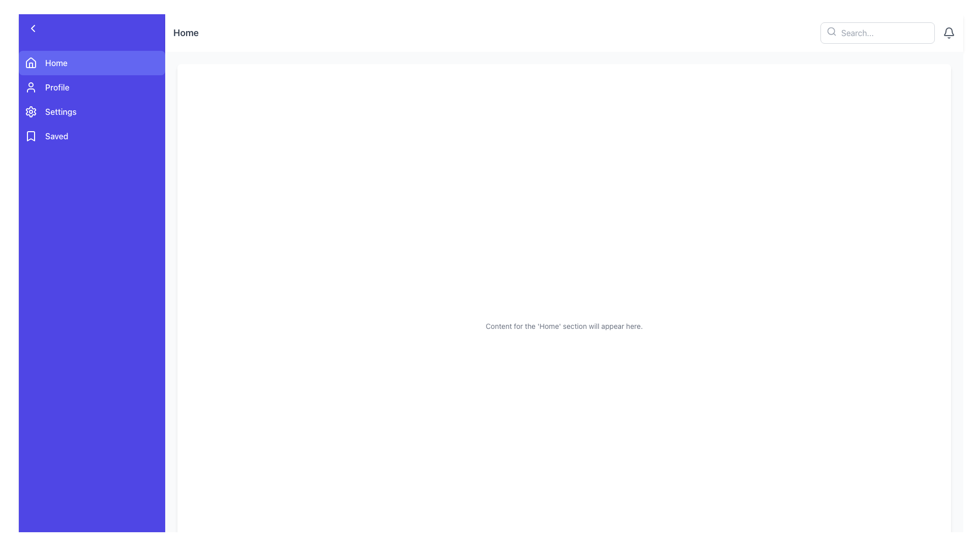  What do you see at coordinates (31, 63) in the screenshot?
I see `the 'Home' navigation icon located in the sidebar` at bounding box center [31, 63].